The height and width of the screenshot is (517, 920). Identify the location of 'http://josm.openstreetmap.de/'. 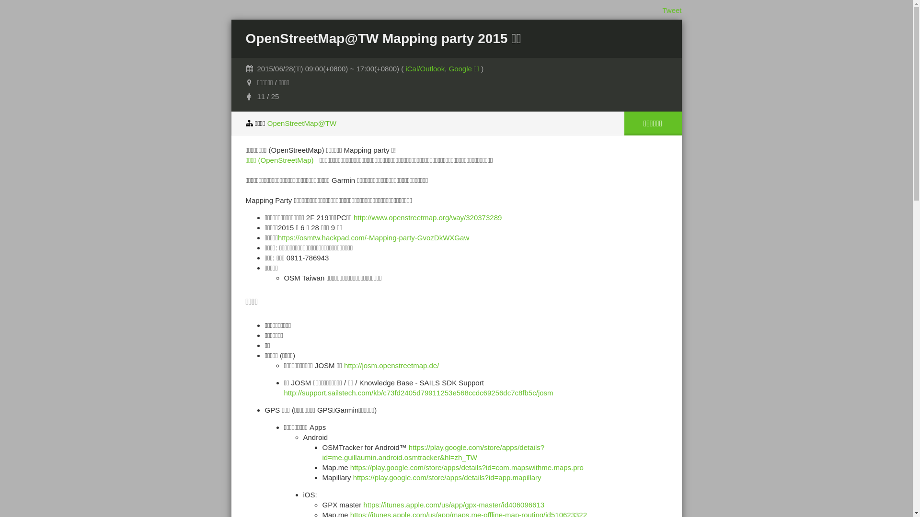
(391, 365).